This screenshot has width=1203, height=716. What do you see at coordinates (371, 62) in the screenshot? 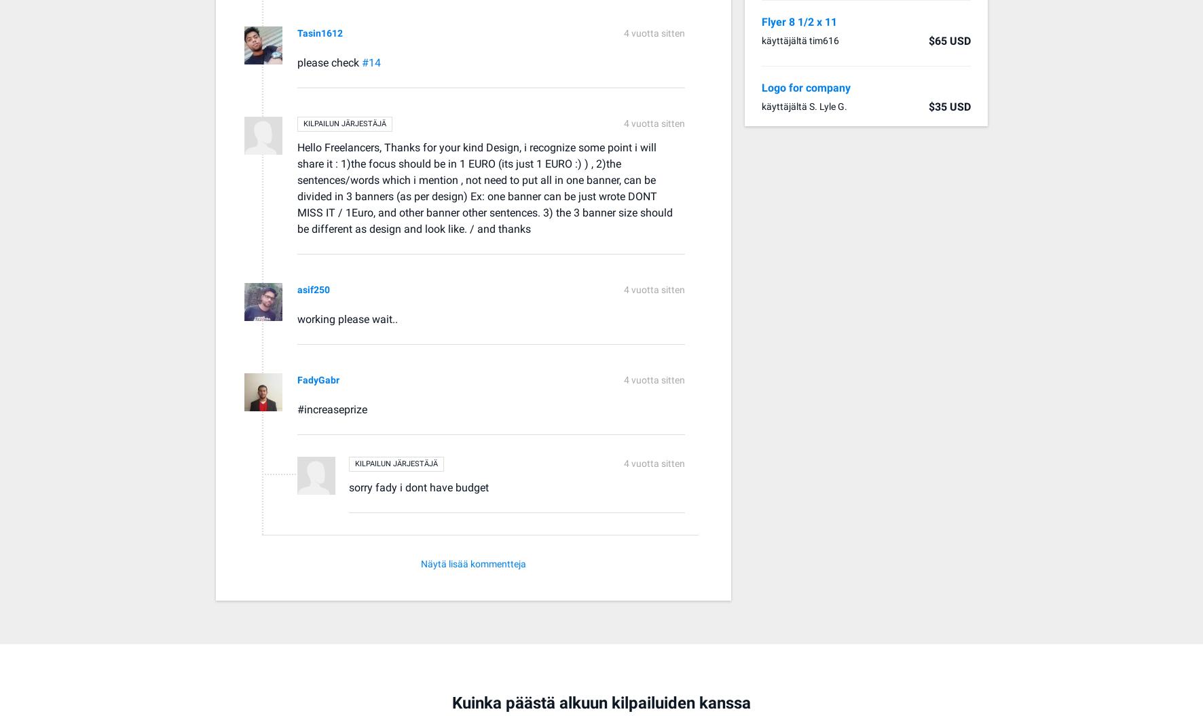
I see `'#14'` at bounding box center [371, 62].